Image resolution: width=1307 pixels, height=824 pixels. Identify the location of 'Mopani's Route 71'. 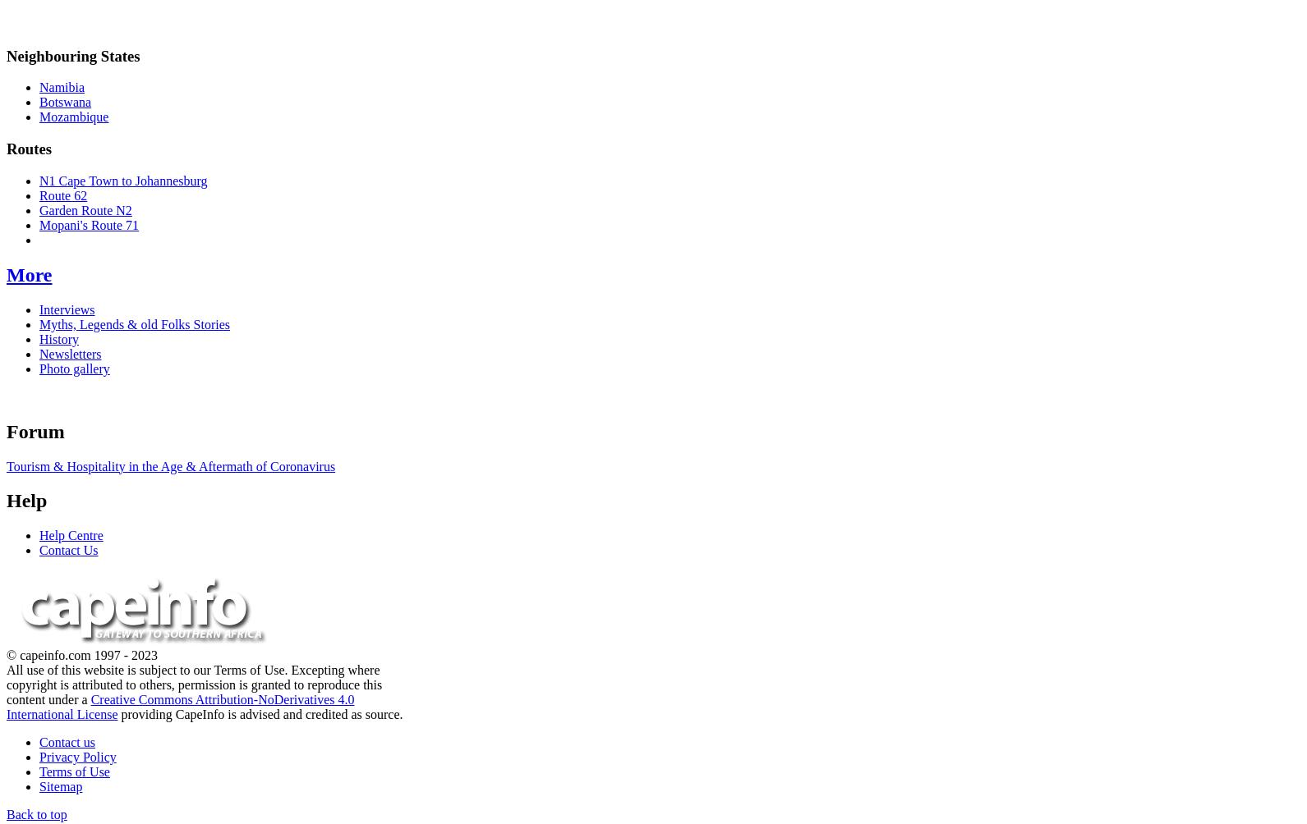
(89, 224).